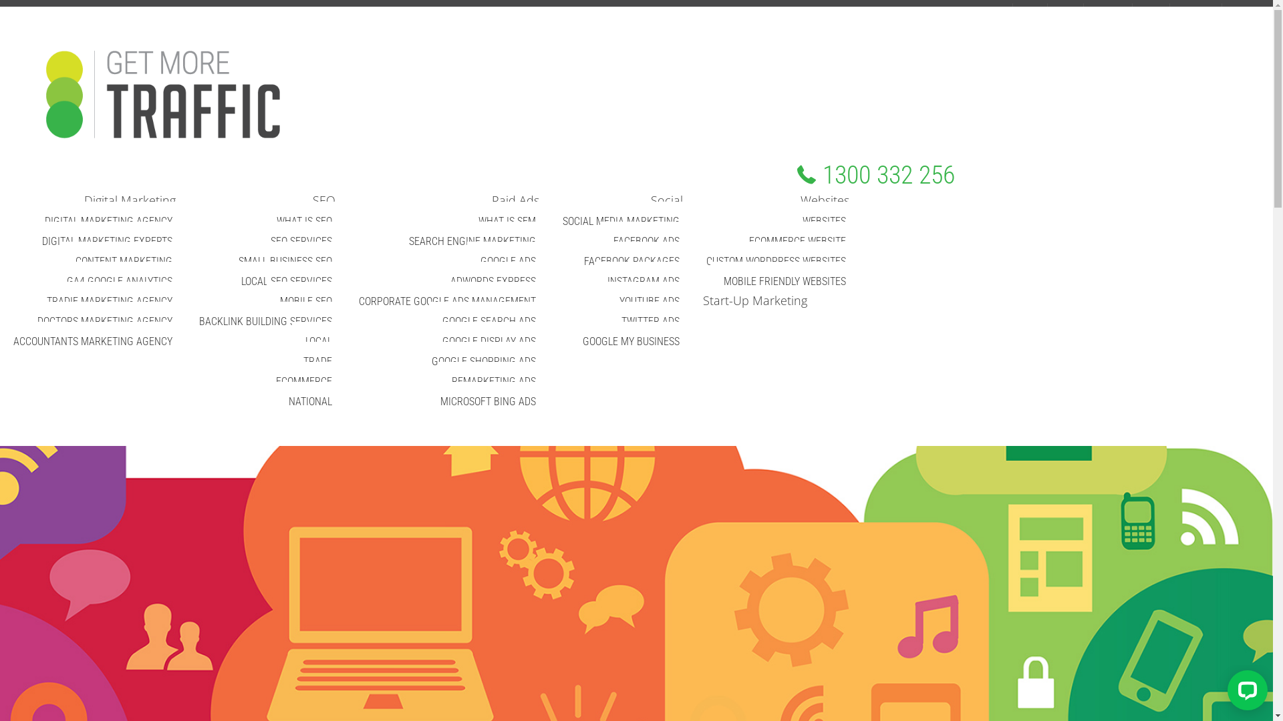  What do you see at coordinates (650, 301) in the screenshot?
I see `'YOUTUBE ADS'` at bounding box center [650, 301].